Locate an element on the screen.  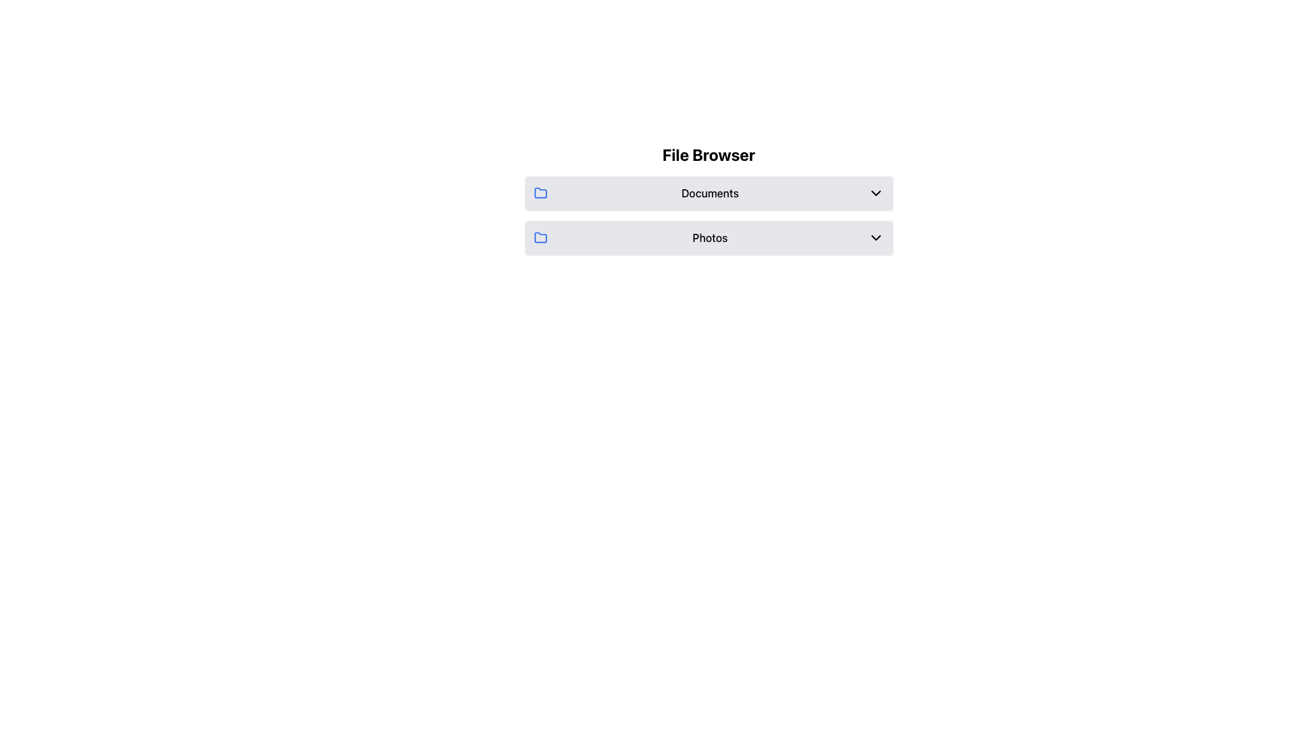
the downward-facing chevron icon of the 'Documents' row is located at coordinates (875, 193).